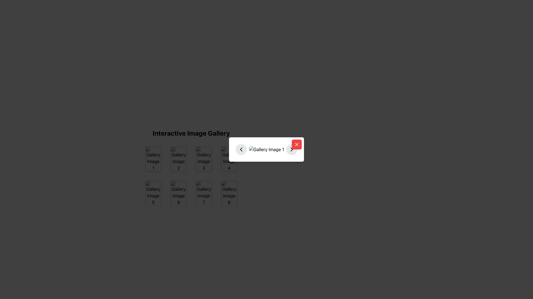 The width and height of the screenshot is (533, 299). Describe the element at coordinates (191, 133) in the screenshot. I see `the bold and large-font heading displaying 'Interactive Image Gallery'` at that location.